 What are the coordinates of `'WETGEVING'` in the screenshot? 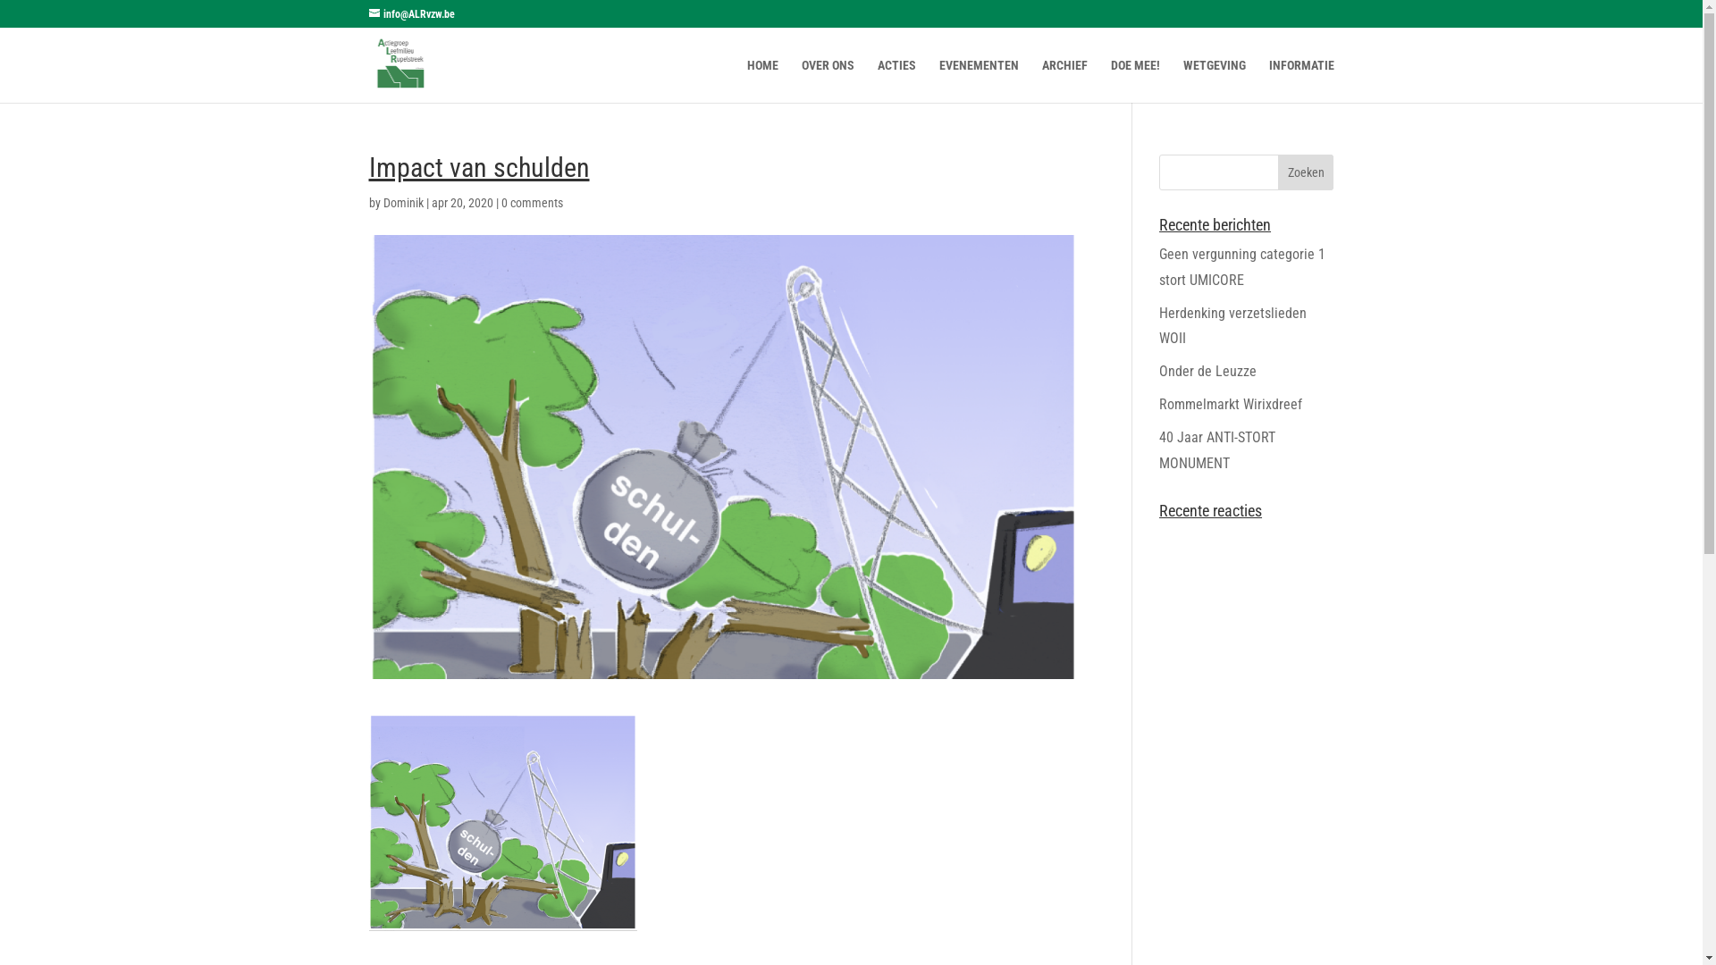 It's located at (1214, 80).